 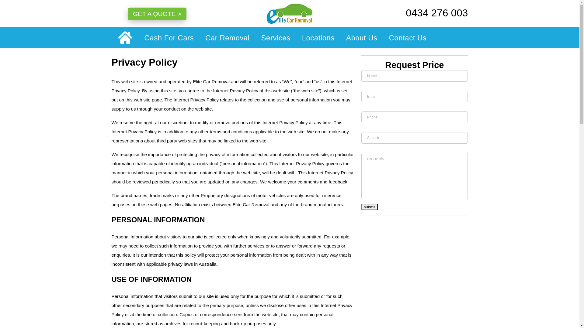 What do you see at coordinates (362, 37) in the screenshot?
I see `'About Us'` at bounding box center [362, 37].